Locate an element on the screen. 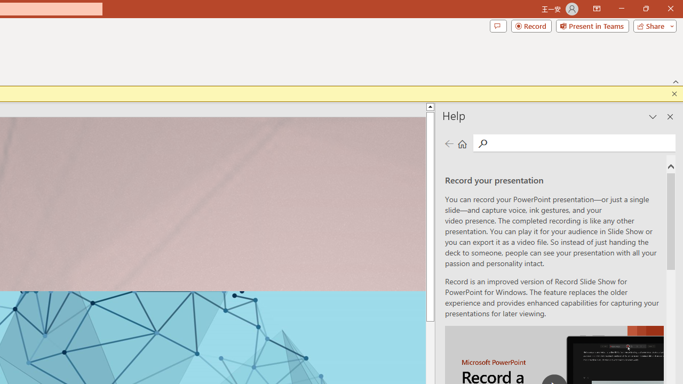 This screenshot has width=683, height=384. 'Record' is located at coordinates (531, 25).